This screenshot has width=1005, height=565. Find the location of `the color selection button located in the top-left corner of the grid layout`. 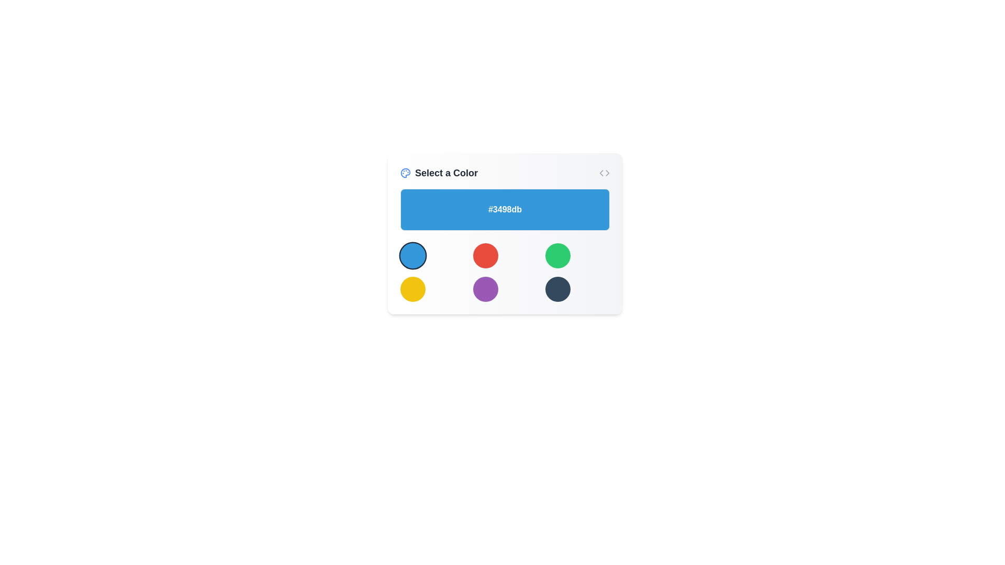

the color selection button located in the top-left corner of the grid layout is located at coordinates (412, 256).